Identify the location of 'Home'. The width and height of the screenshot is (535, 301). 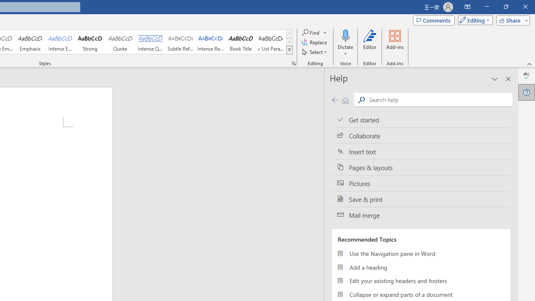
(345, 99).